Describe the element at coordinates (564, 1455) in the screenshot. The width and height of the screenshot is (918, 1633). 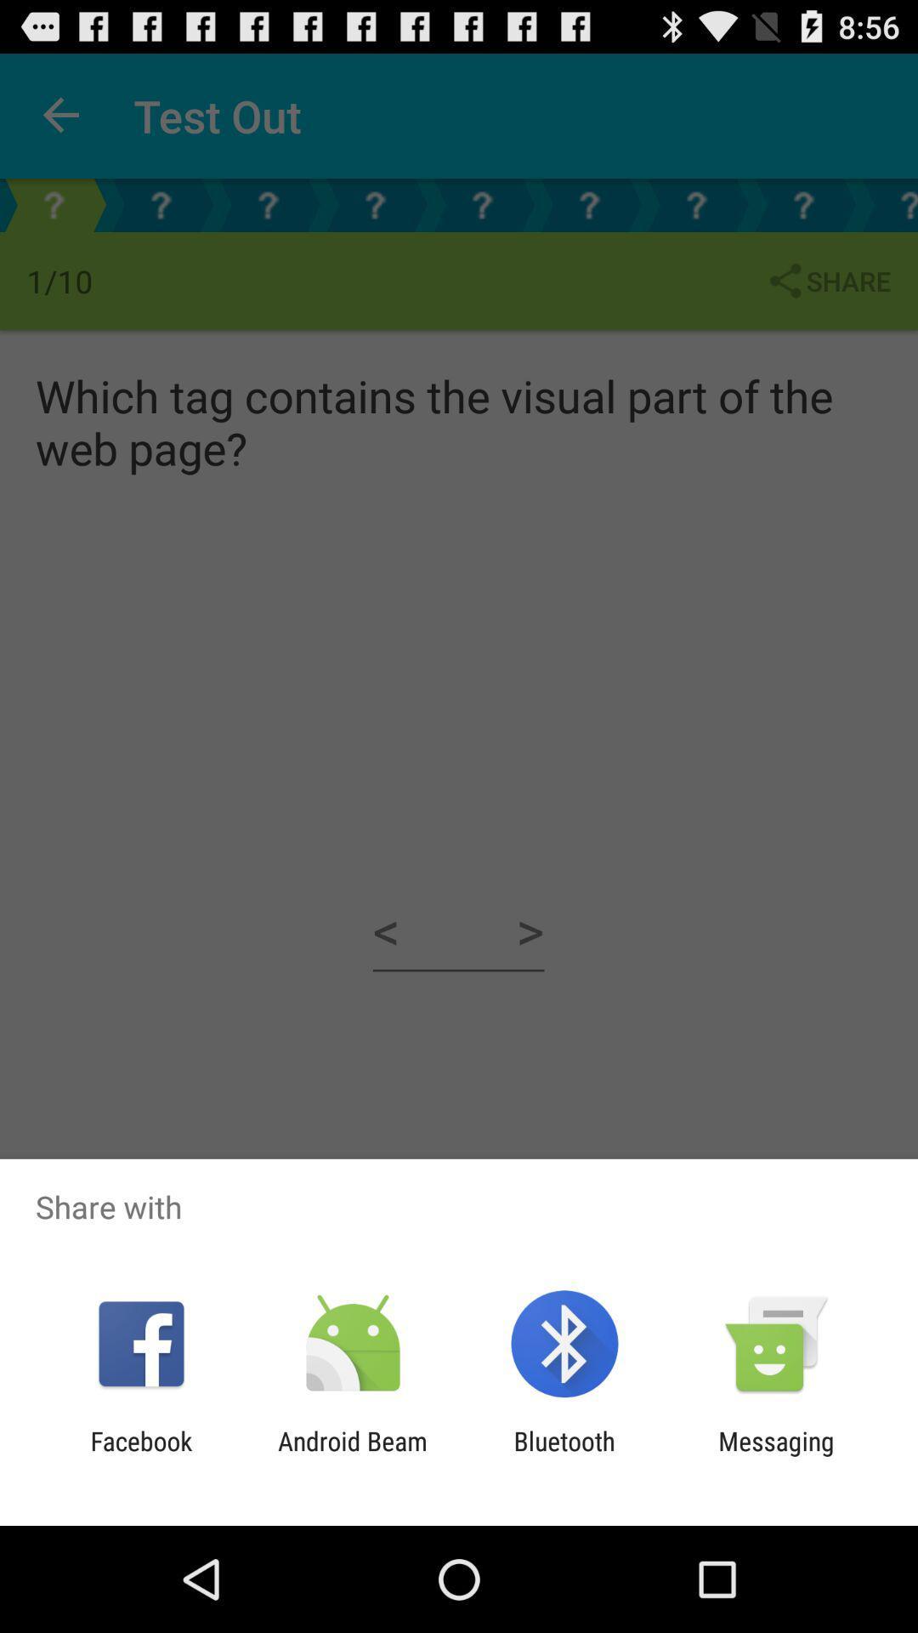
I see `app next to messaging icon` at that location.